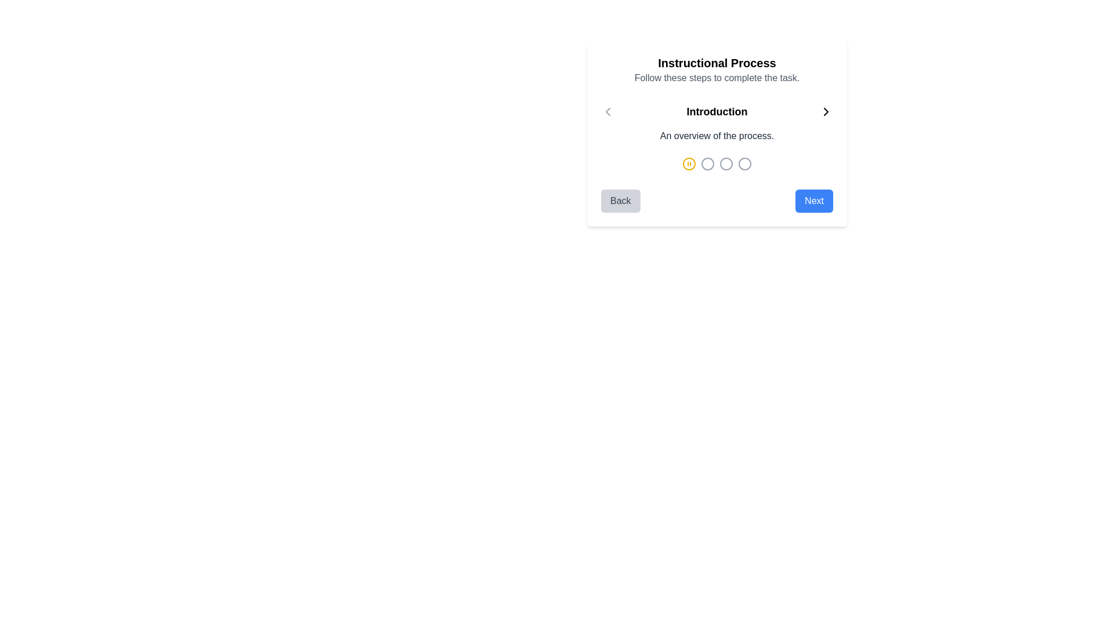  What do you see at coordinates (726, 163) in the screenshot?
I see `the third circular SVG element with a light-gray border, located below the 'Instructional Process' section` at bounding box center [726, 163].